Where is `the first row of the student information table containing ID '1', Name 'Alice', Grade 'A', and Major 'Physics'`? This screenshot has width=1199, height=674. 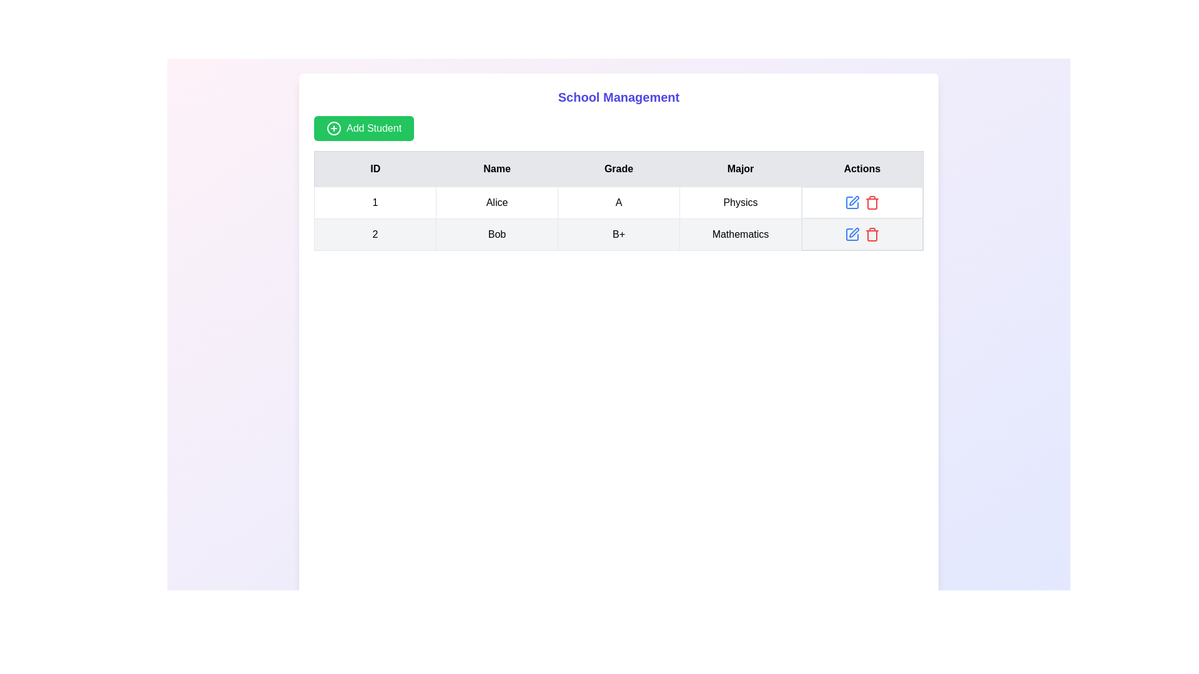 the first row of the student information table containing ID '1', Name 'Alice', Grade 'A', and Major 'Physics' is located at coordinates (618, 202).